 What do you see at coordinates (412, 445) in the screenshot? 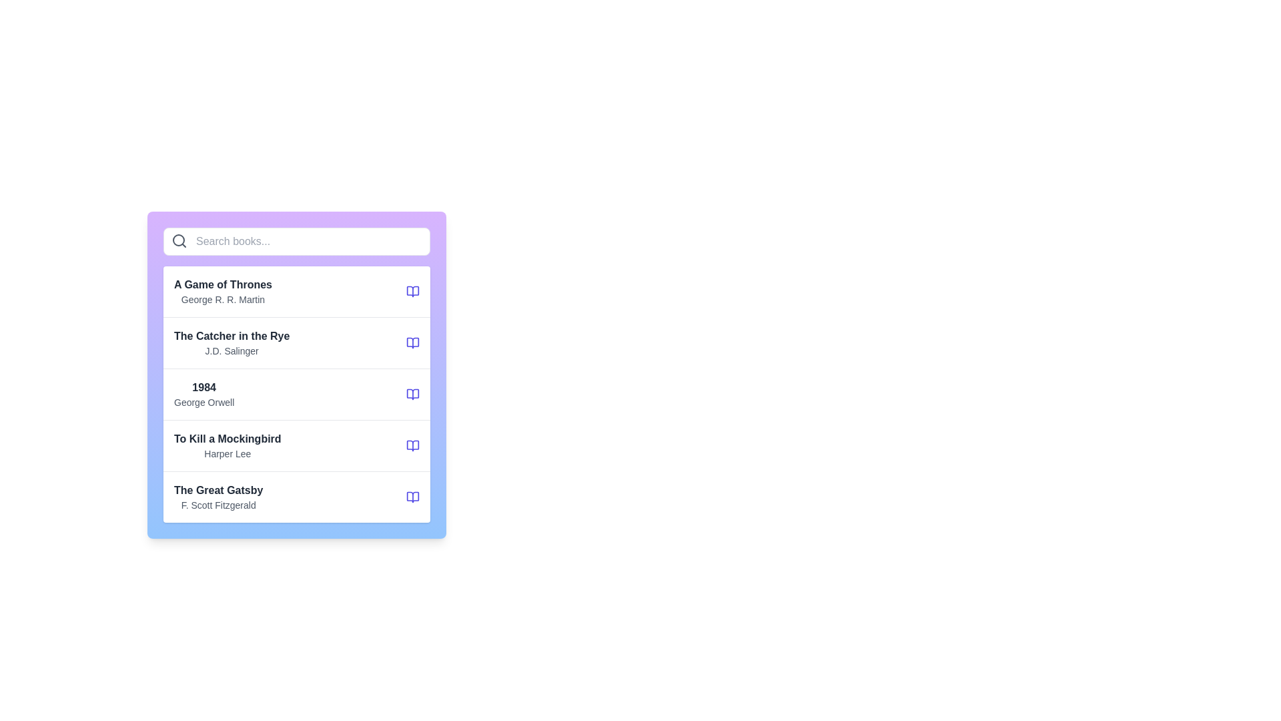
I see `the left half of the open book icon next to the entry 'To Kill a Mockingbird' labeled 'Harper Lee'` at bounding box center [412, 445].